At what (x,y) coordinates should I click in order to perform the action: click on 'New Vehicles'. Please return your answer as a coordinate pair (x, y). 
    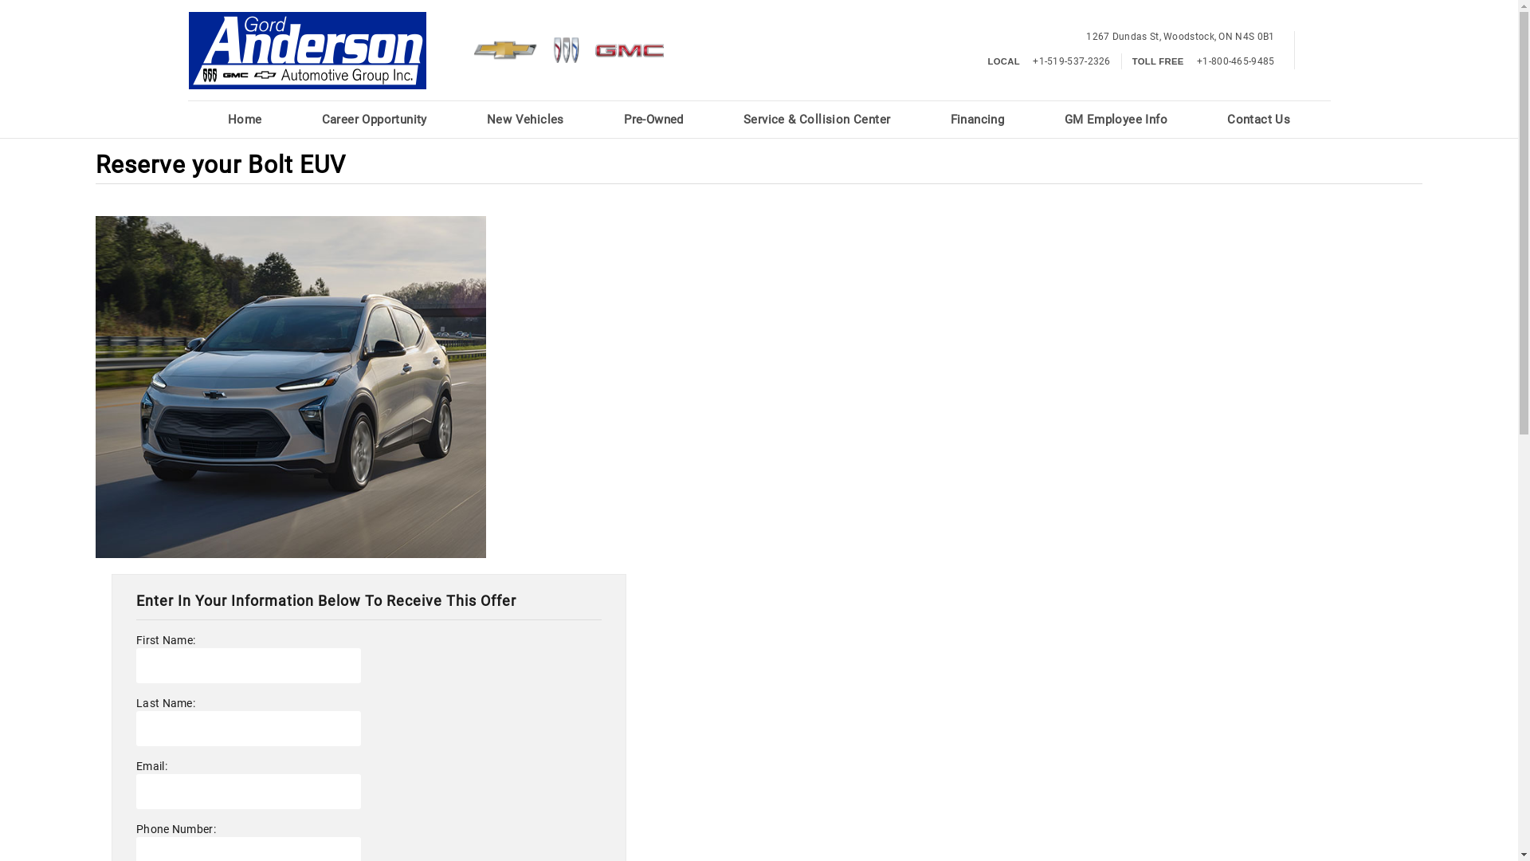
    Looking at the image, I should click on (485, 119).